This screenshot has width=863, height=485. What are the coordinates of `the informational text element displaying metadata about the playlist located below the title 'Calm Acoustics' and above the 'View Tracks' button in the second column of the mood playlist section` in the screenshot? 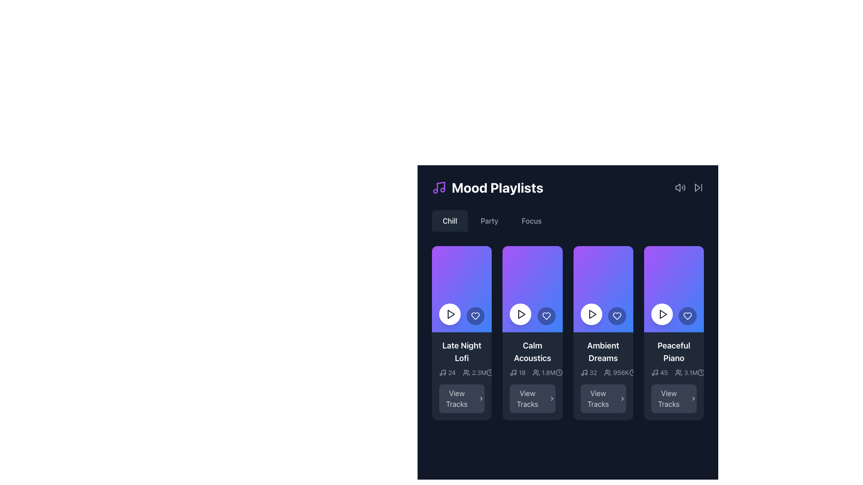 It's located at (532, 372).